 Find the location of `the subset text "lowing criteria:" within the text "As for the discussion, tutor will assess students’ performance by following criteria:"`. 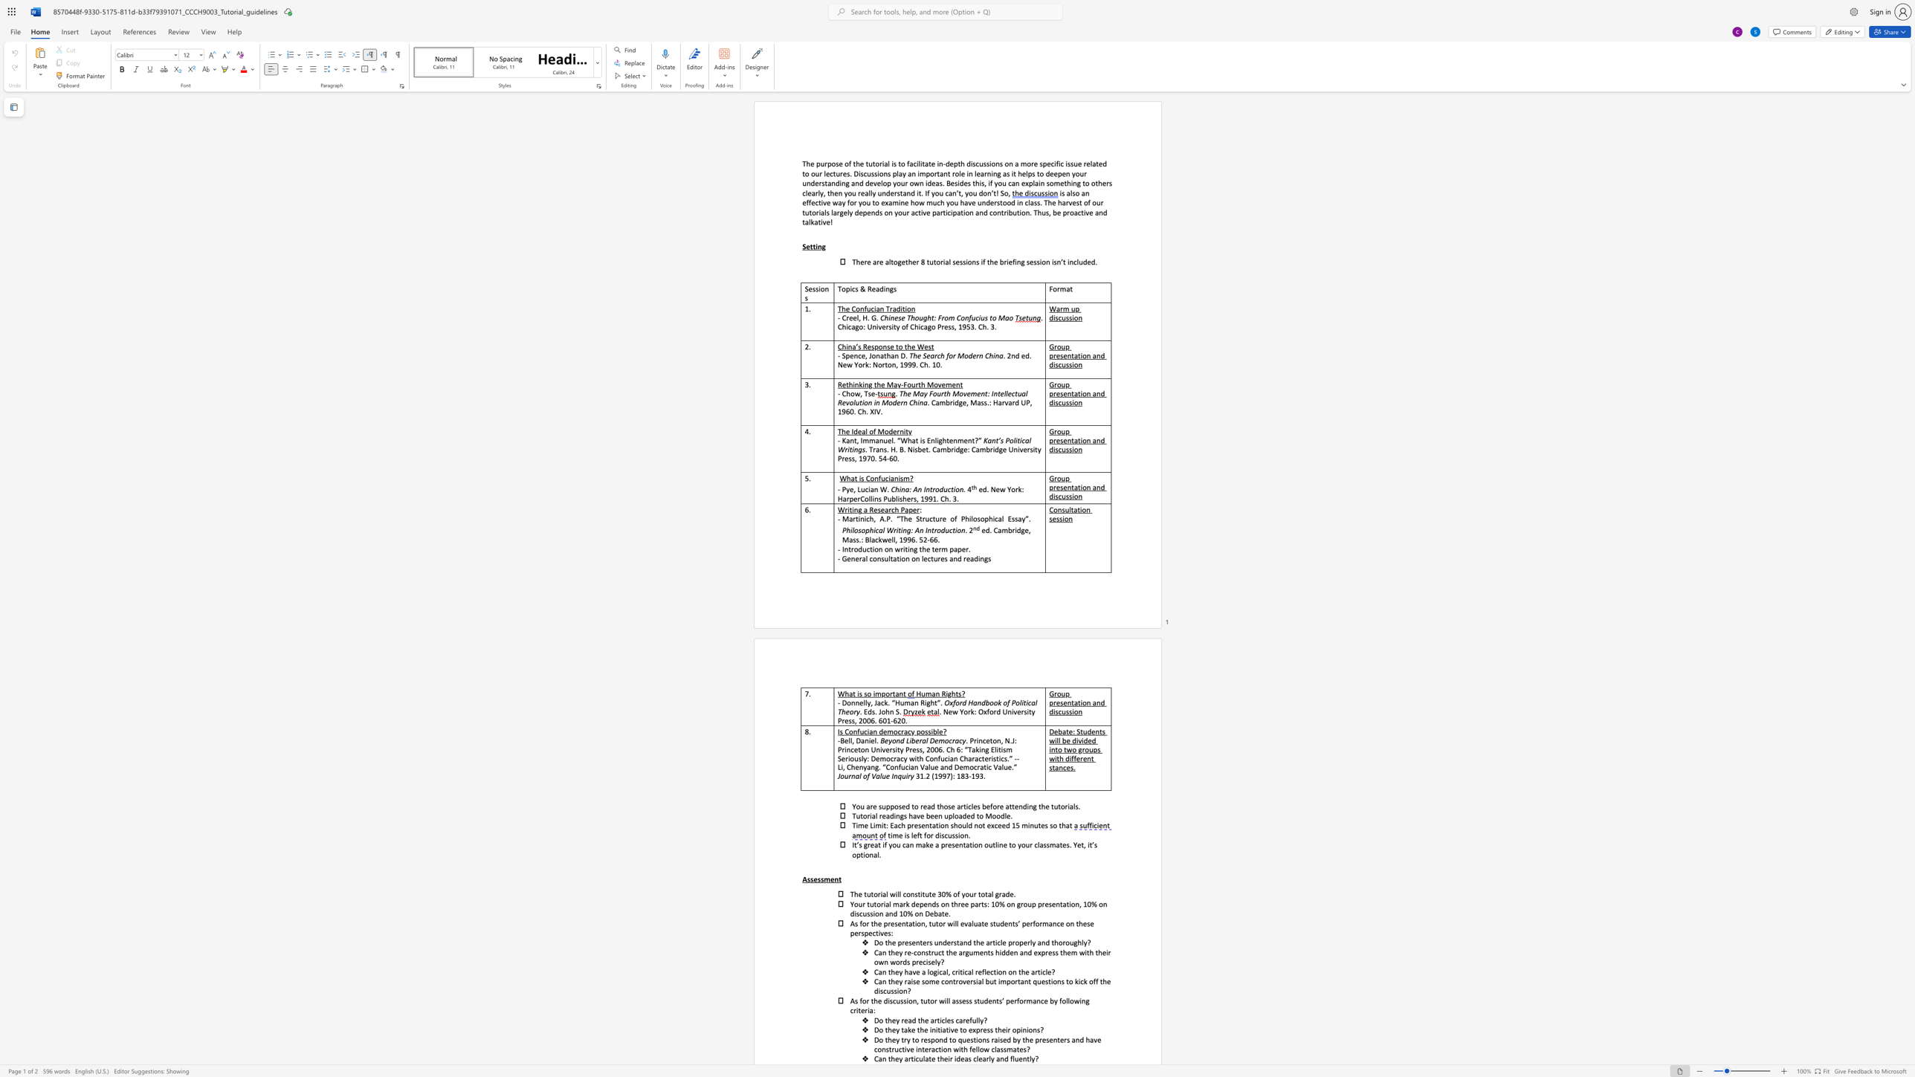

the subset text "lowing criteria:" within the text "As for the discussion, tutor will assess students’ performance by following criteria:" is located at coordinates (1068, 1000).